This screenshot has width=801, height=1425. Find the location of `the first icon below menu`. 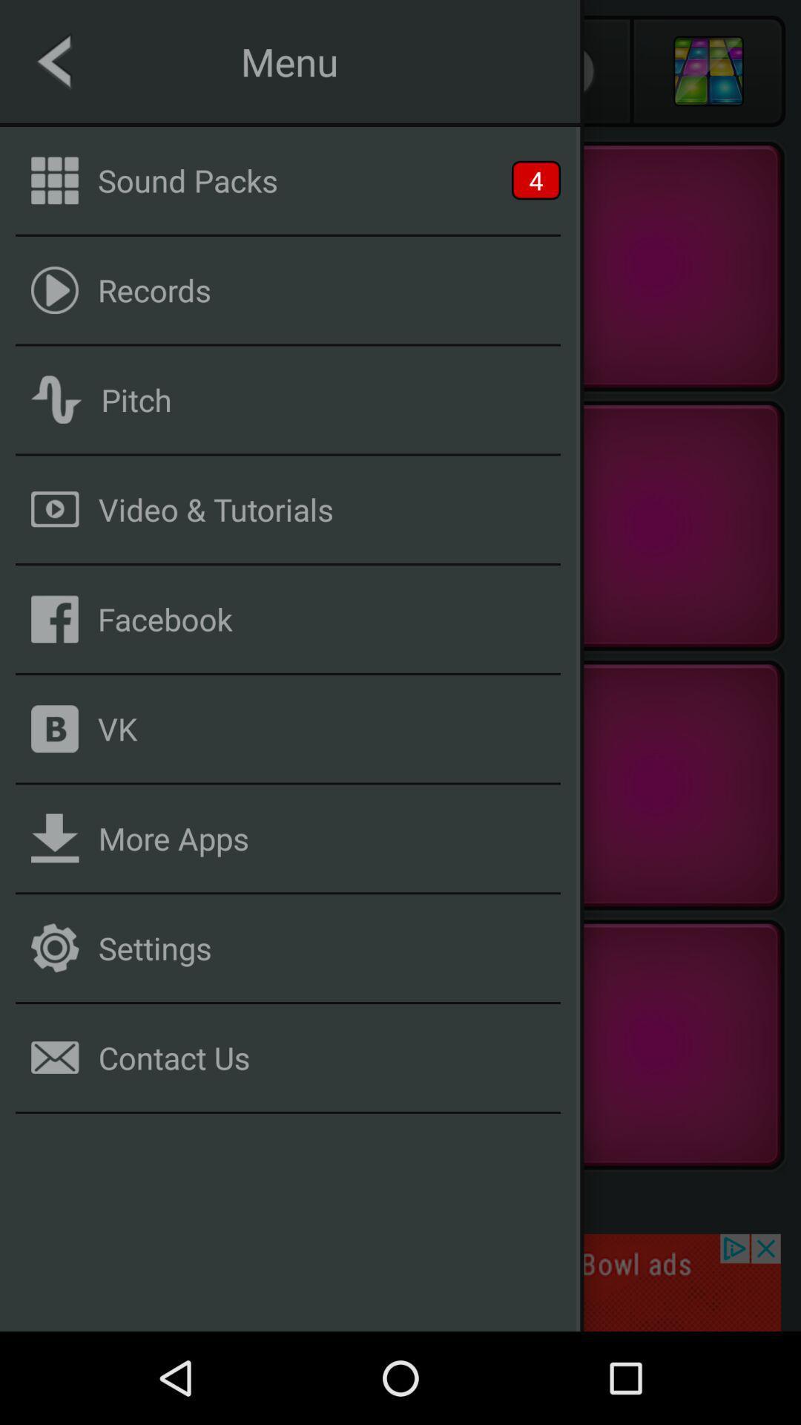

the first icon below menu is located at coordinates (53, 180).